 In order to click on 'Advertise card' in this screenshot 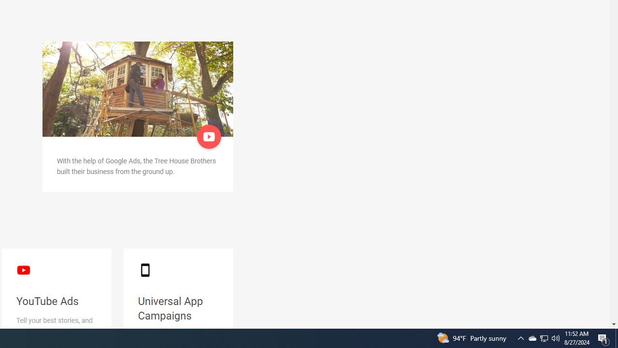, I will do `click(137, 89)`.